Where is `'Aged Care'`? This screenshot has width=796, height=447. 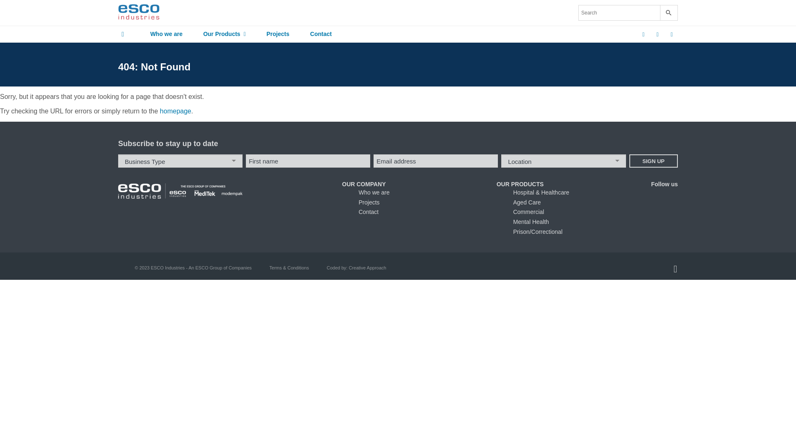
'Aged Care' is located at coordinates (527, 202).